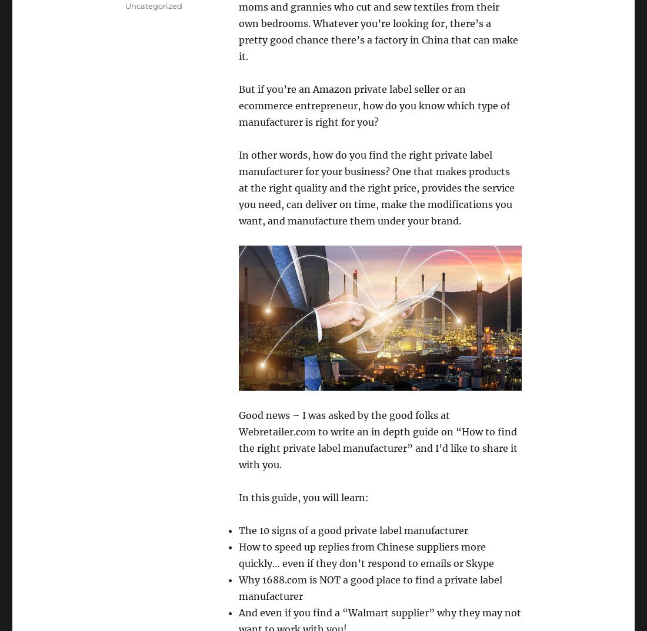 The width and height of the screenshot is (647, 631). What do you see at coordinates (376, 187) in the screenshot?
I see `'how do you find the right private label manufacturer for your business? One that makes products at the right quality and the right price, provides the service you need, can deliver on time, make the modifications you want, and manufacture them under your brand.'` at bounding box center [376, 187].